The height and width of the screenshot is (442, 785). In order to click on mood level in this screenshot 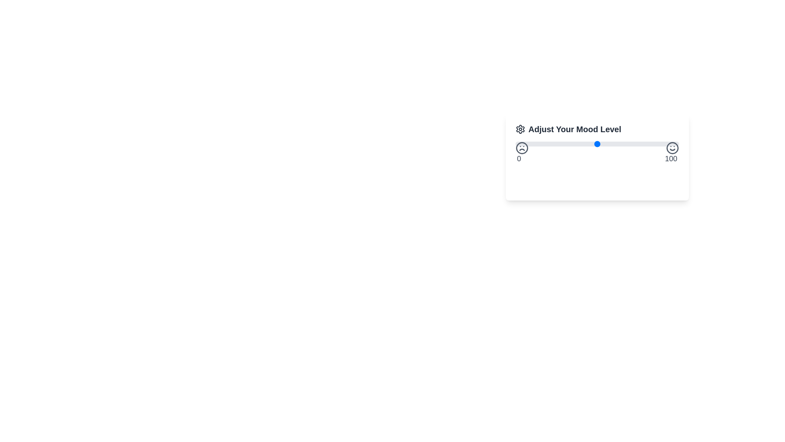, I will do `click(570, 143)`.